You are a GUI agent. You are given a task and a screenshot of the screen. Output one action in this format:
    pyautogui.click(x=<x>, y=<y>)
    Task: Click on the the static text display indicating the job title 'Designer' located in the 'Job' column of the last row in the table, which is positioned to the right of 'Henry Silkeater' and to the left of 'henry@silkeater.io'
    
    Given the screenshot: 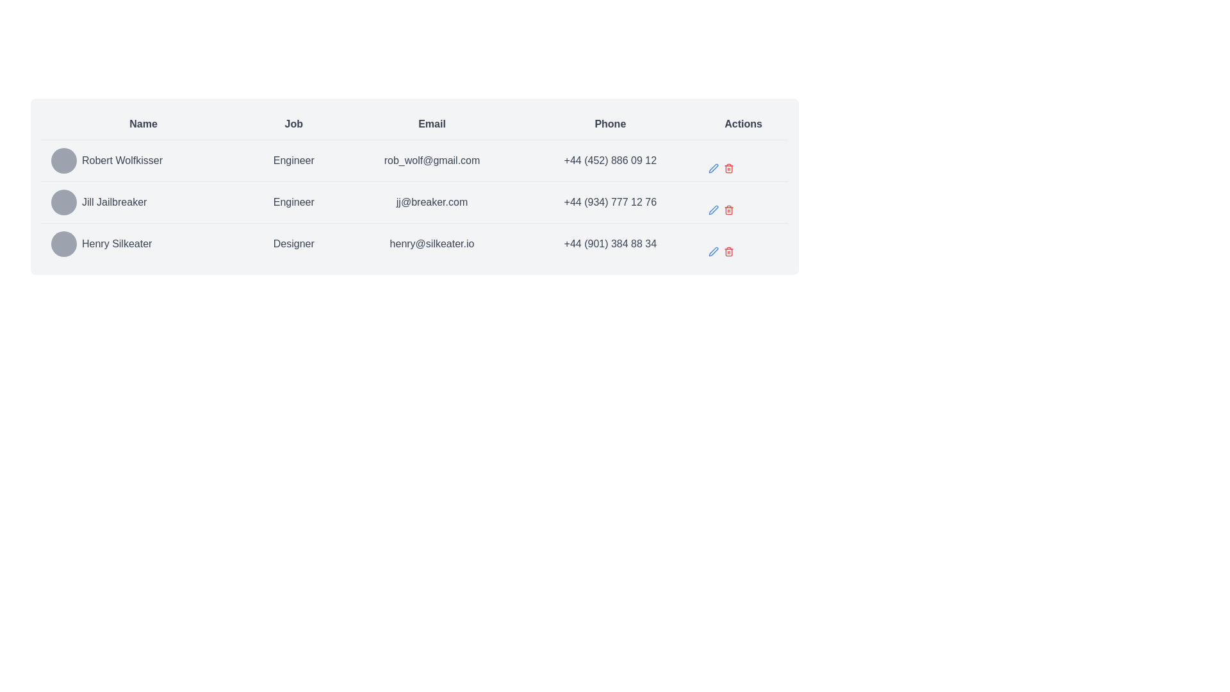 What is the action you would take?
    pyautogui.click(x=293, y=243)
    